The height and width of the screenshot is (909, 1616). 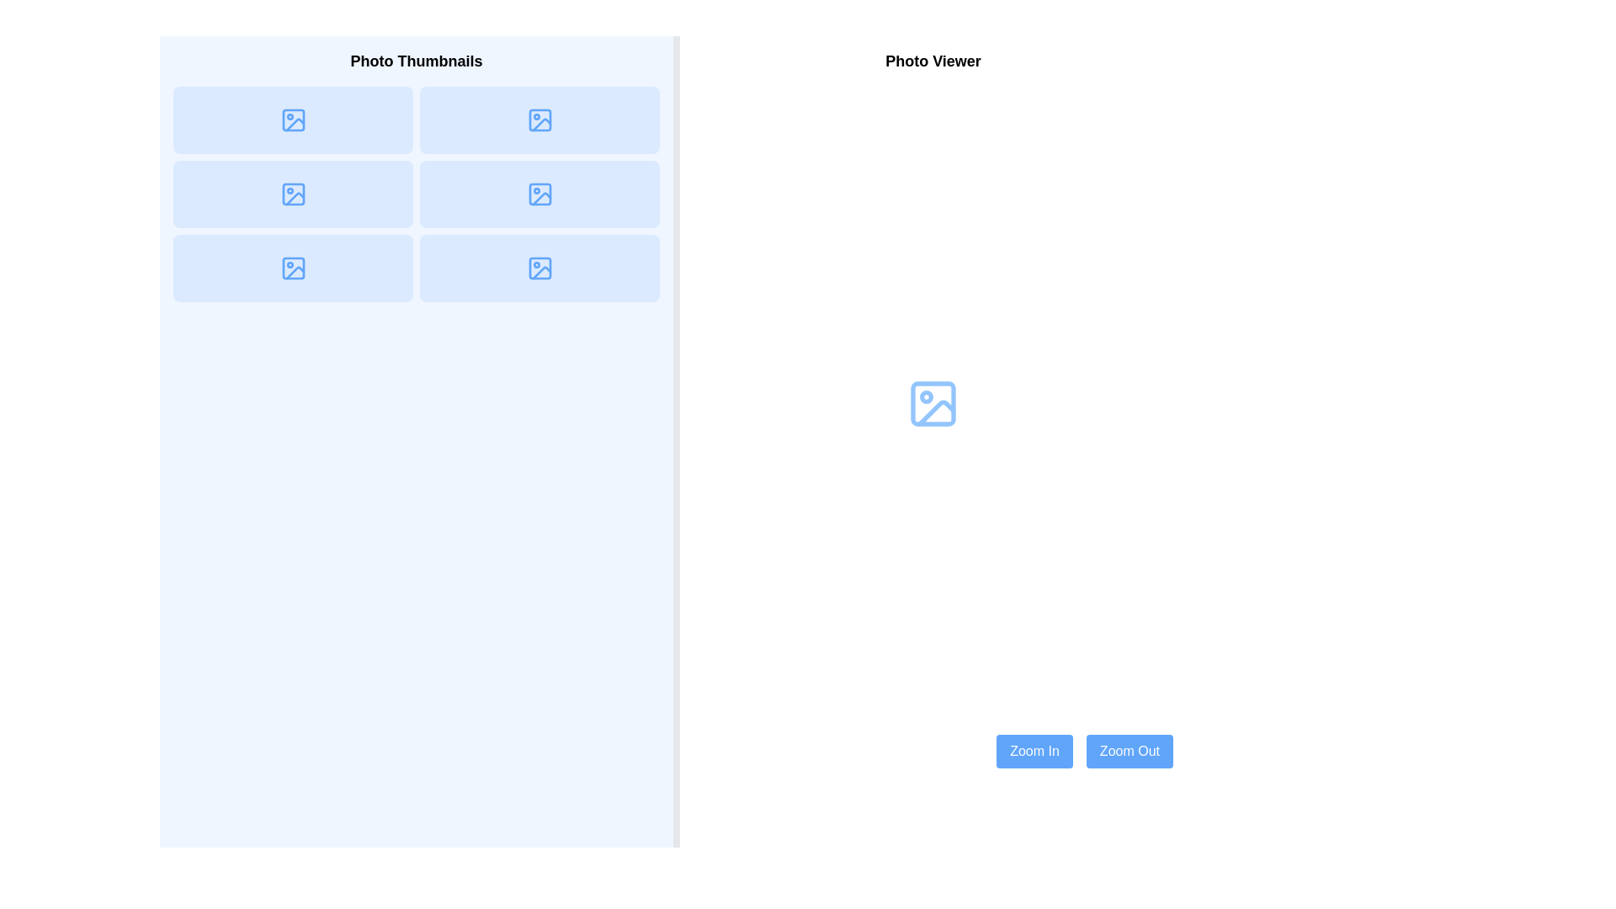 What do you see at coordinates (932, 403) in the screenshot?
I see `the blue icon resembling an image placeholder with a circular detail and a line inside a rectangular outline, located centrally in the 'Photo Viewer' region` at bounding box center [932, 403].